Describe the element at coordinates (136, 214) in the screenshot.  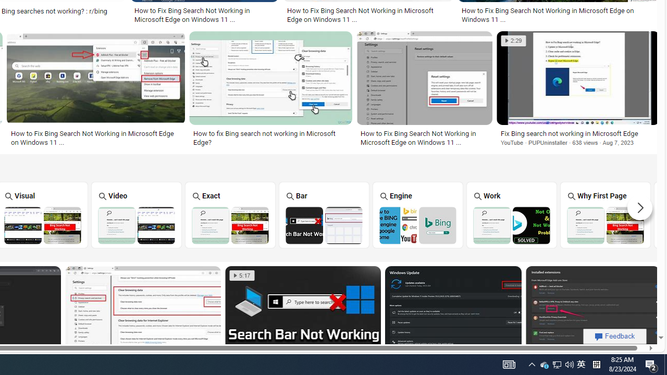
I see `'Video'` at that location.